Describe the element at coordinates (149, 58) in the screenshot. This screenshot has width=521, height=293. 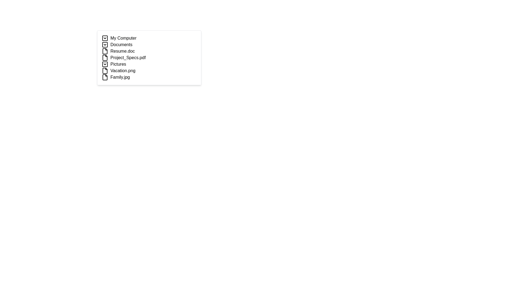
I see `the list item representing the file 'Project_Specs.pdf' located within the 'Documents' section` at that location.